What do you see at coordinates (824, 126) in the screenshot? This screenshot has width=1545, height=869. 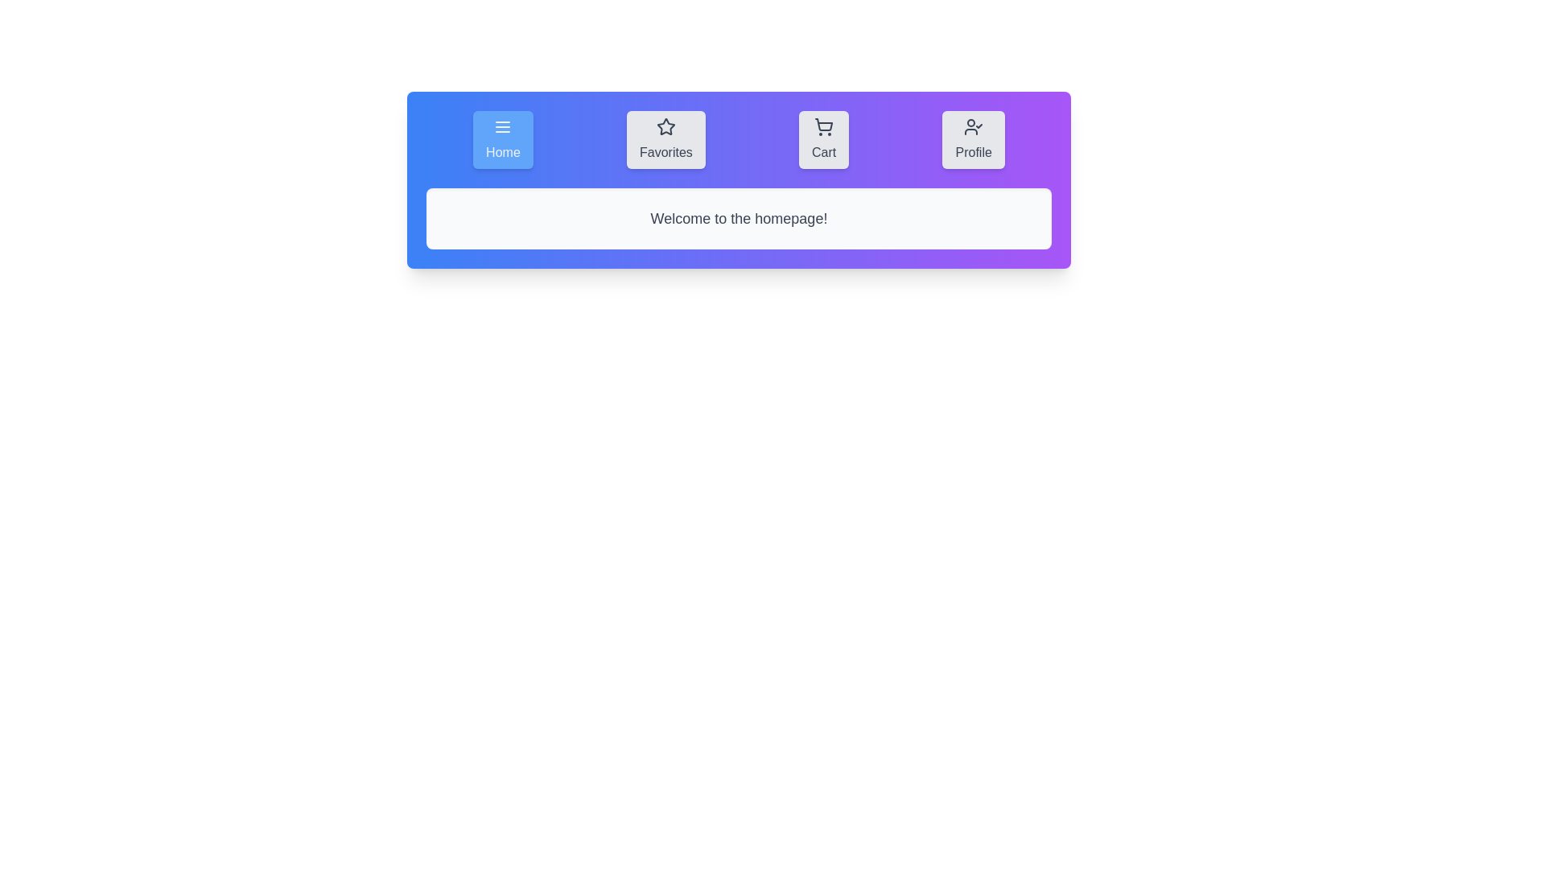 I see `the shopping cart icon in the navigation menu` at bounding box center [824, 126].